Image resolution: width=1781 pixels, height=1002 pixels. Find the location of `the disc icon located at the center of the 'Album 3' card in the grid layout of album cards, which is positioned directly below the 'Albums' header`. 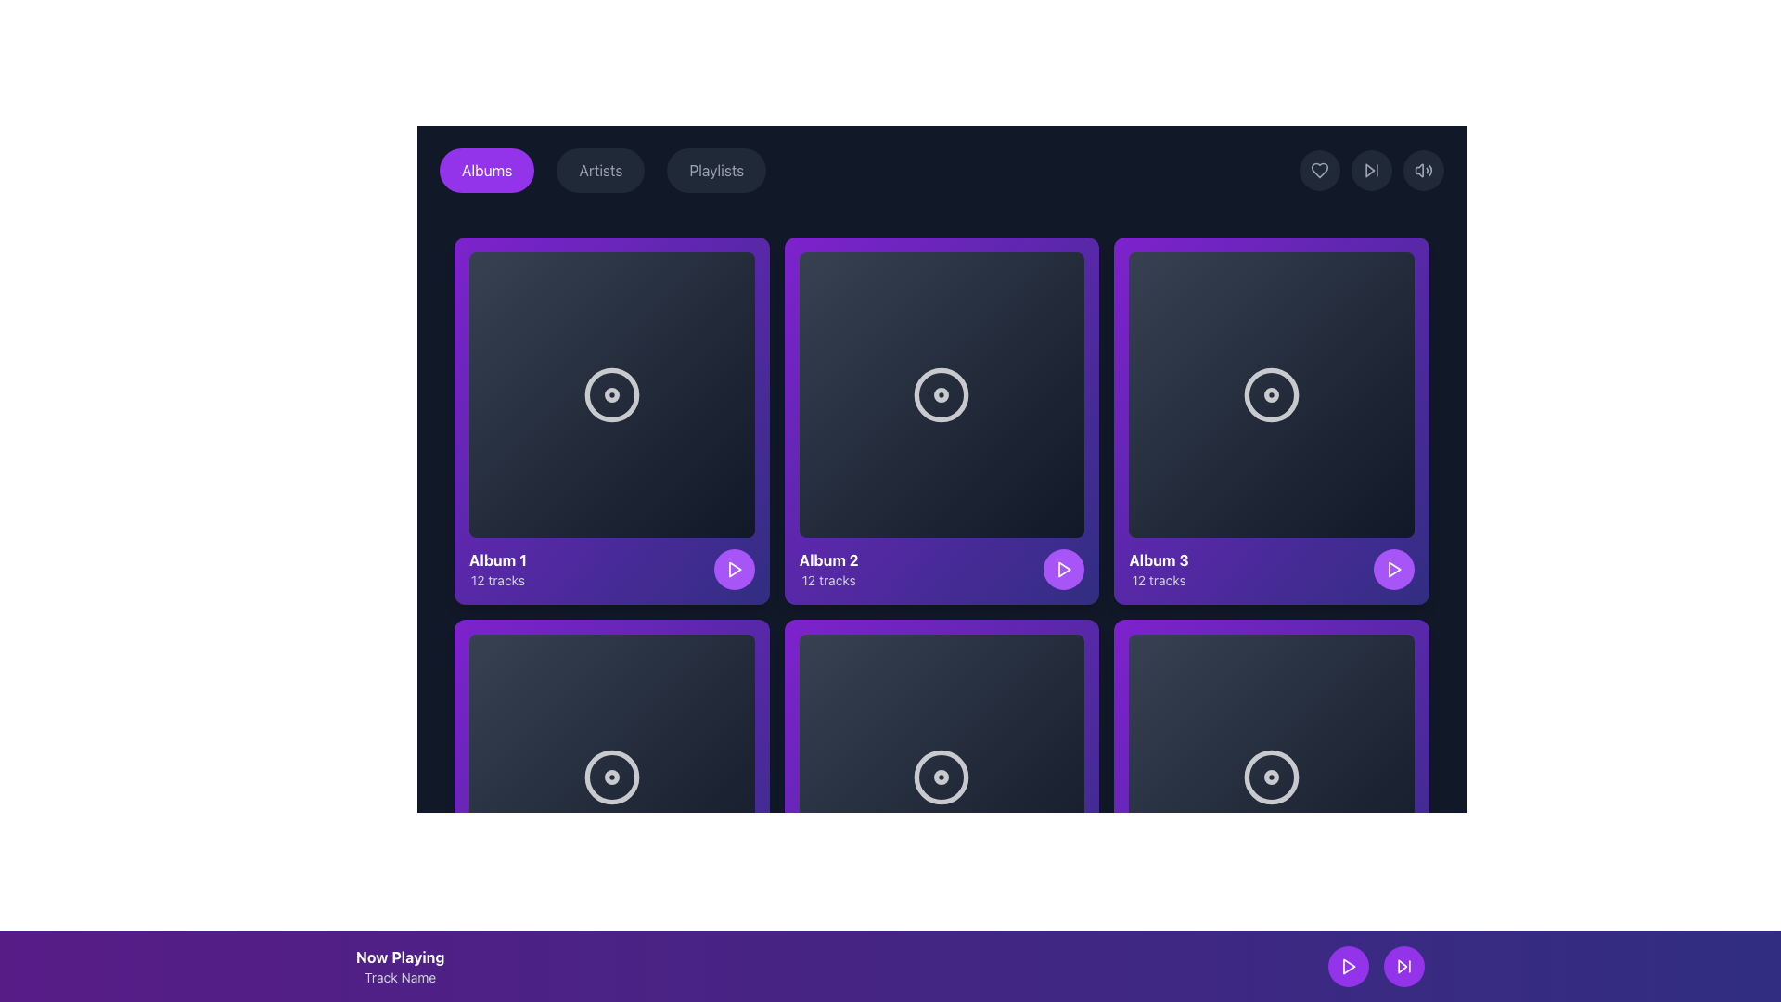

the disc icon located at the center of the 'Album 3' card in the grid layout of album cards, which is positioned directly below the 'Albums' header is located at coordinates (1271, 393).